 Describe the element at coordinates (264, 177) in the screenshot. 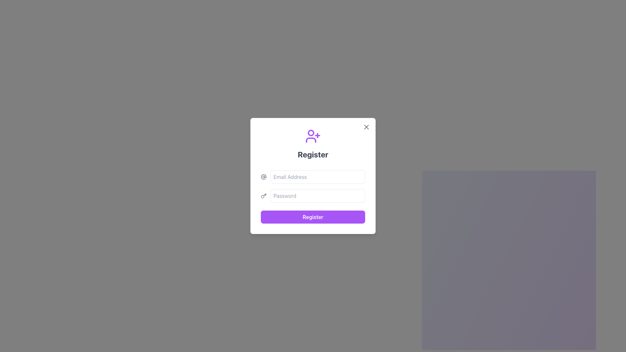

I see `the '@' icon located next to the 'Email Address' input field in the registration form` at that location.